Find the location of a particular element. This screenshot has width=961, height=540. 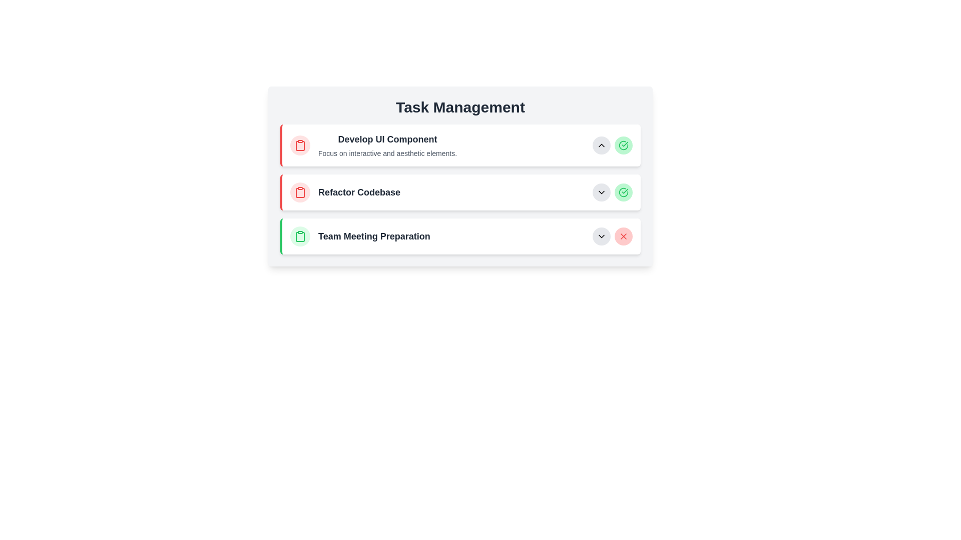

the upward chevron on the Task Item Module titled 'Develop UI Component' is located at coordinates (460, 145).